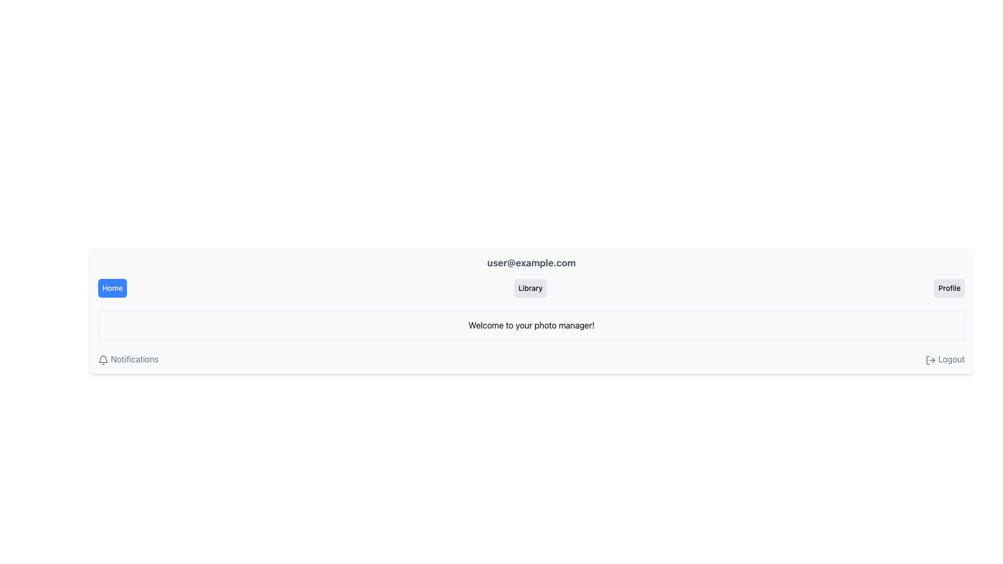  Describe the element at coordinates (127, 358) in the screenshot. I see `the 'Notifications' link with a bell icon, located on the lower-left corner of the interface, to change its color to blue` at that location.